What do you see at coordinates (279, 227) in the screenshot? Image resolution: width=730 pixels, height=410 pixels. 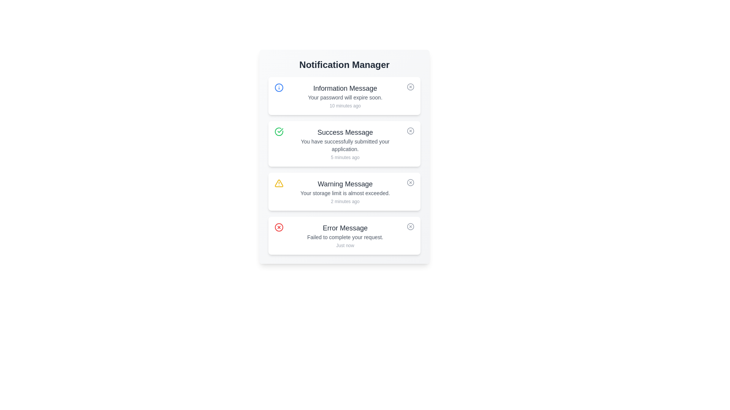 I see `the error icon located at the top-left corner of the fourth notification card labeled 'Error Message' to acknowledge or close the error` at bounding box center [279, 227].